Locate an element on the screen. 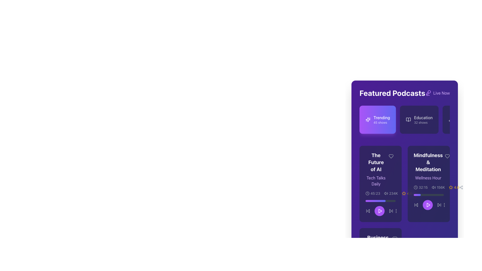 Image resolution: width=482 pixels, height=271 pixels. the star-shaped rating icon with a yellow outline located beside the text '4.6' under the 'Mindfulness & Meditation' section in the 'Featured Podcasts' panel to interact with the rating system is located at coordinates (451, 187).